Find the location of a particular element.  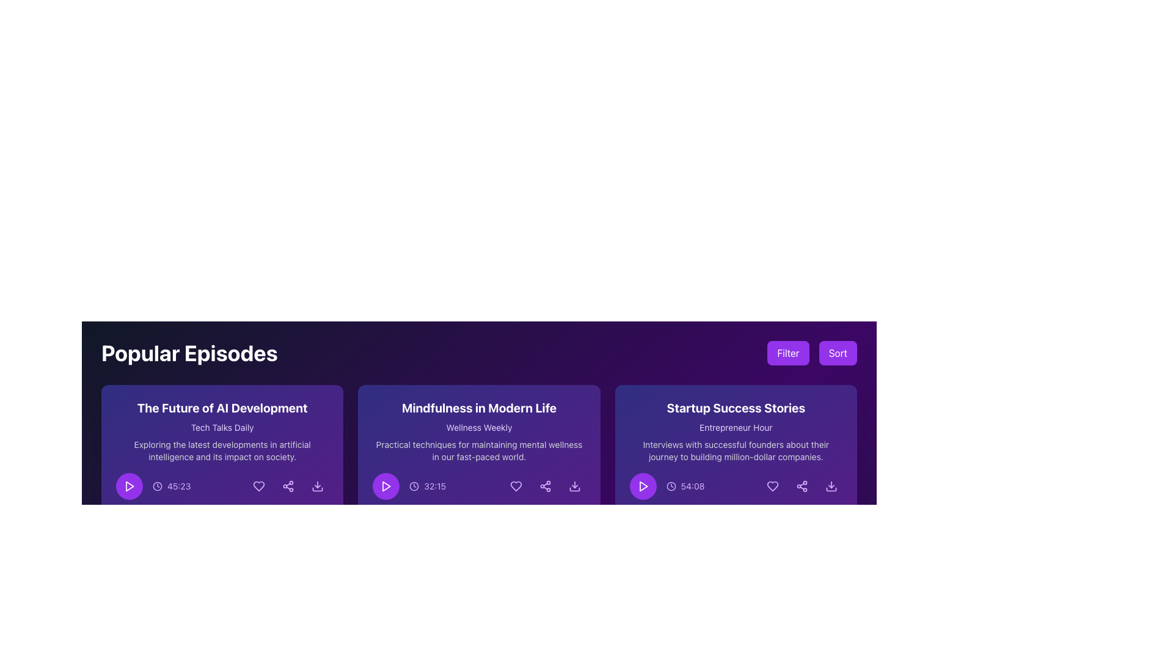

the text element that provides a brief description of the podcast episode 'Mindfulness in Modern Life', located within the card labeled 'Mindfulness in Modern Life' under the 'Wellness Weekly' subheading is located at coordinates (478, 450).